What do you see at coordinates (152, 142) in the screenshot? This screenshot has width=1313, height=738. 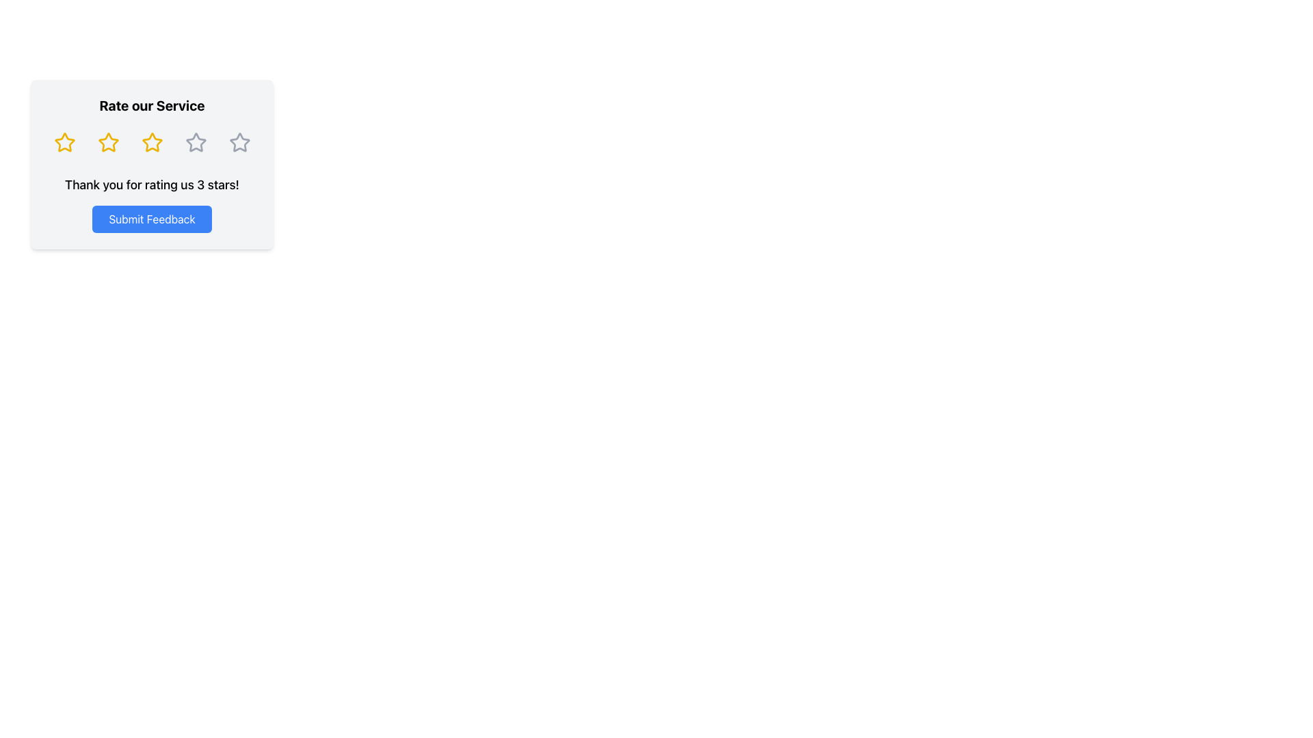 I see `the third star icon in the rating system to rate our service` at bounding box center [152, 142].